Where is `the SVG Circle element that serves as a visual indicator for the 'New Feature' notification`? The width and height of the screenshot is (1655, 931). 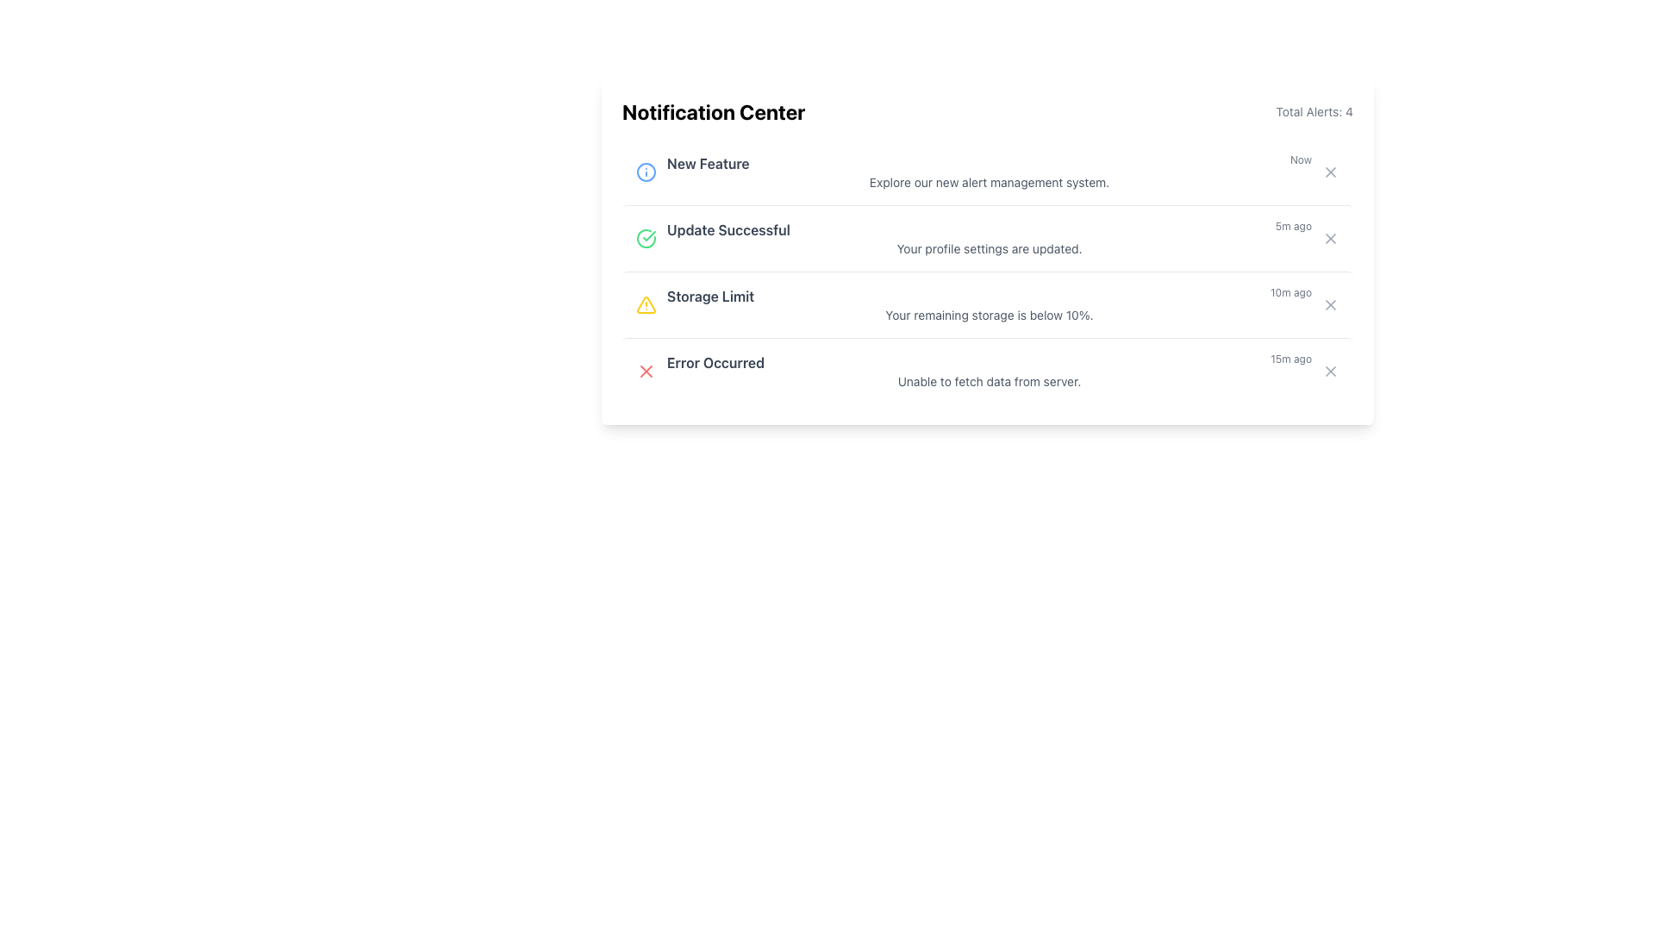
the SVG Circle element that serves as a visual indicator for the 'New Feature' notification is located at coordinates (645, 172).